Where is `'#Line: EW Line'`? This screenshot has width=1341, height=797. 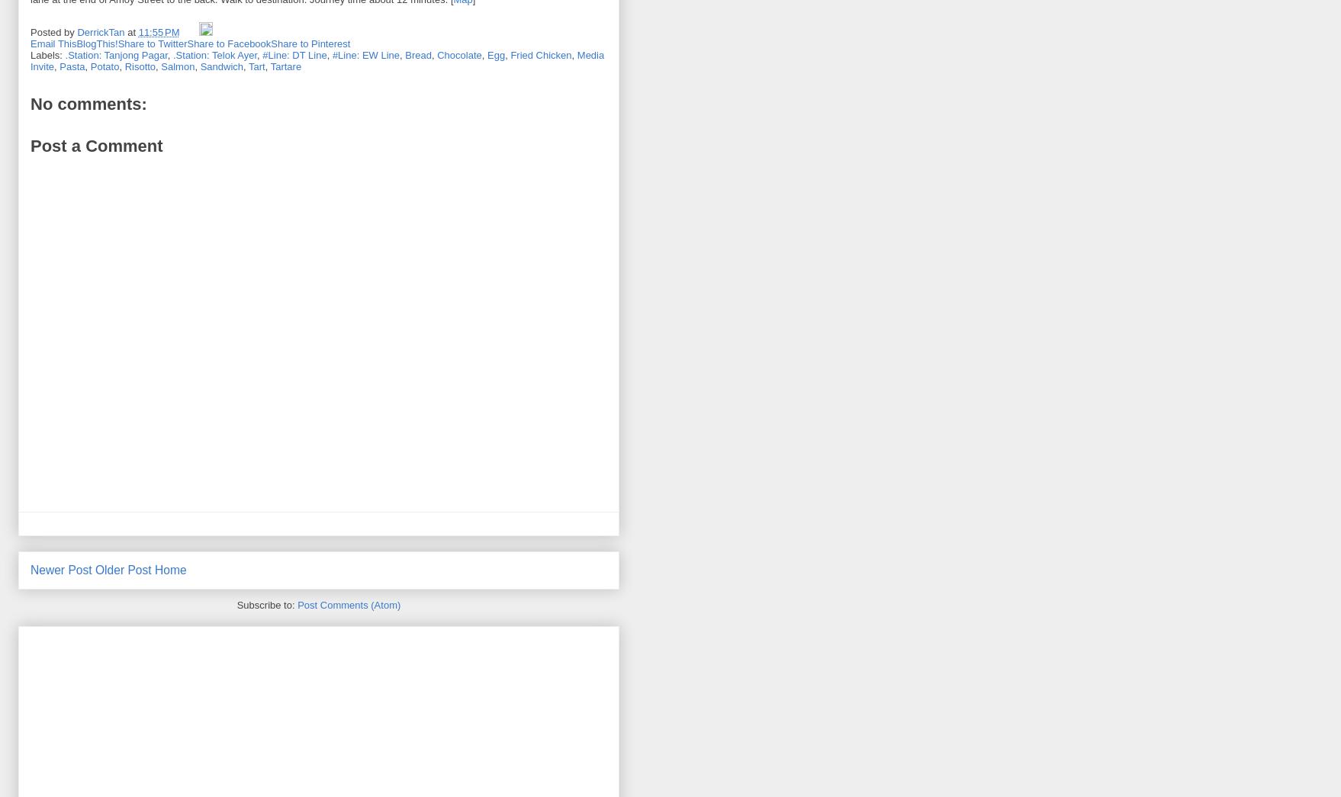
'#Line: EW Line' is located at coordinates (365, 54).